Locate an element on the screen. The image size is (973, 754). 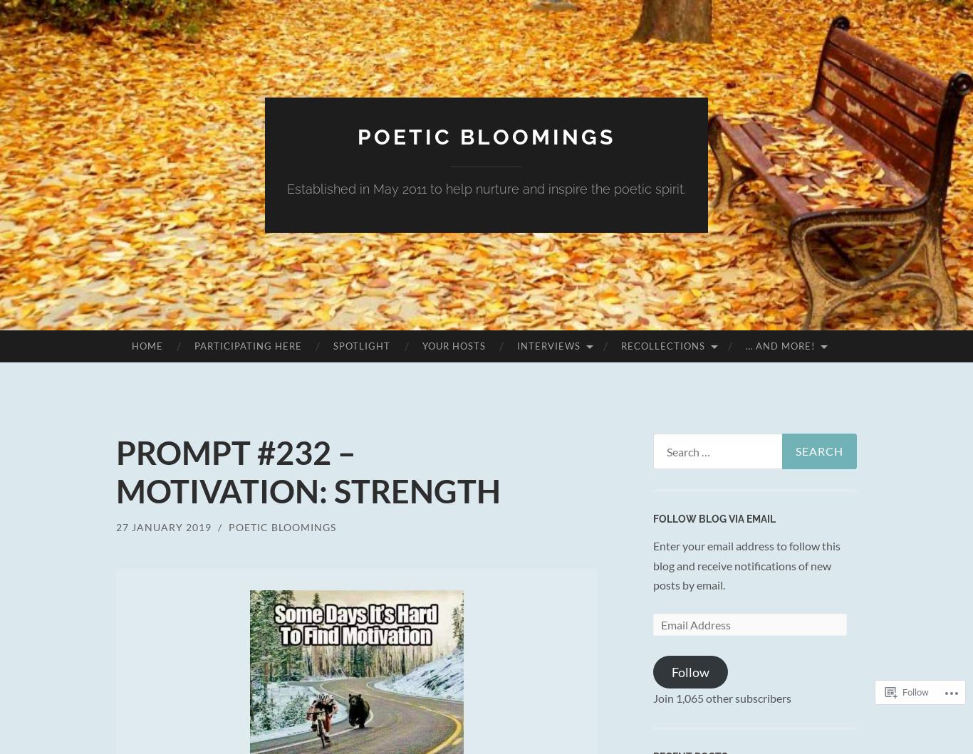
'POETIC BLOOMINGS' is located at coordinates (358, 136).